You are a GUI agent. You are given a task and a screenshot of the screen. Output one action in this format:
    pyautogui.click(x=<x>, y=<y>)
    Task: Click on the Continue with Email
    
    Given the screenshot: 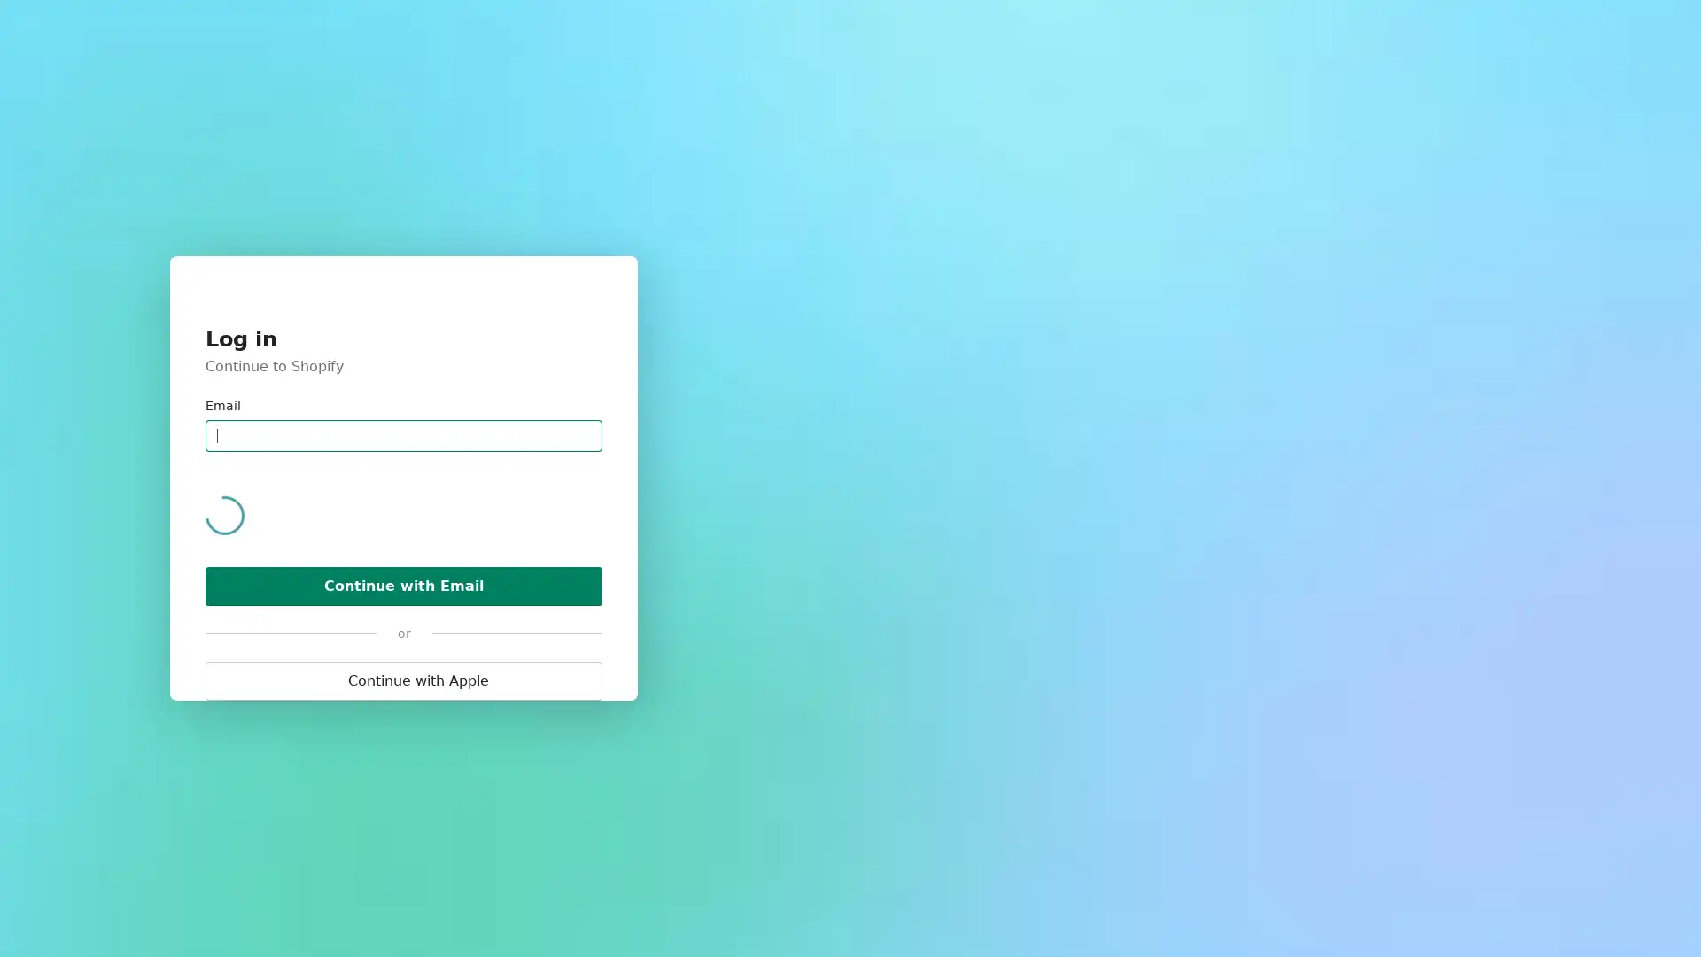 What is the action you would take?
    pyautogui.click(x=403, y=471)
    